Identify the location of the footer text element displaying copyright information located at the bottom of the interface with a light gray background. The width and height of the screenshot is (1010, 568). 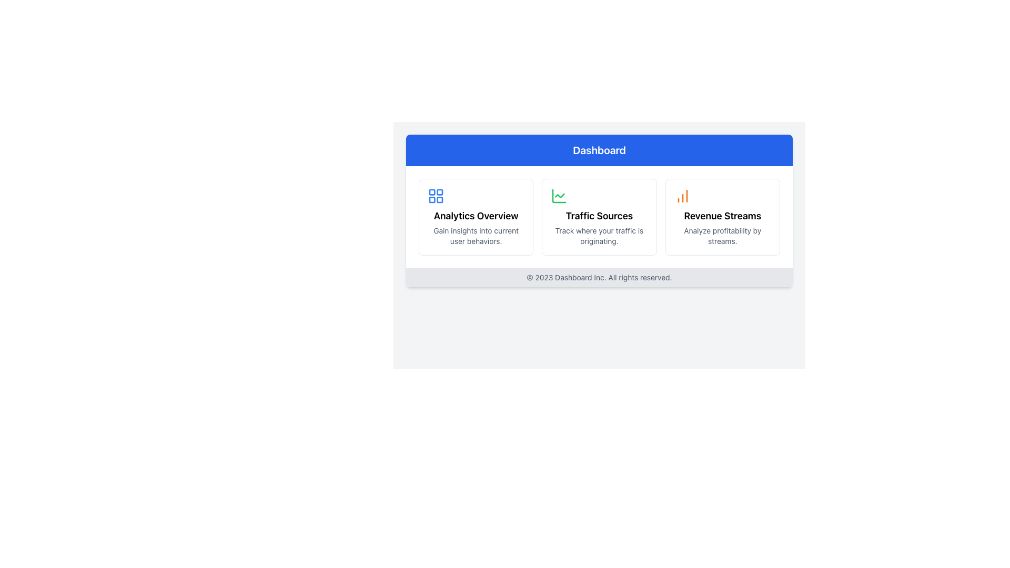
(599, 277).